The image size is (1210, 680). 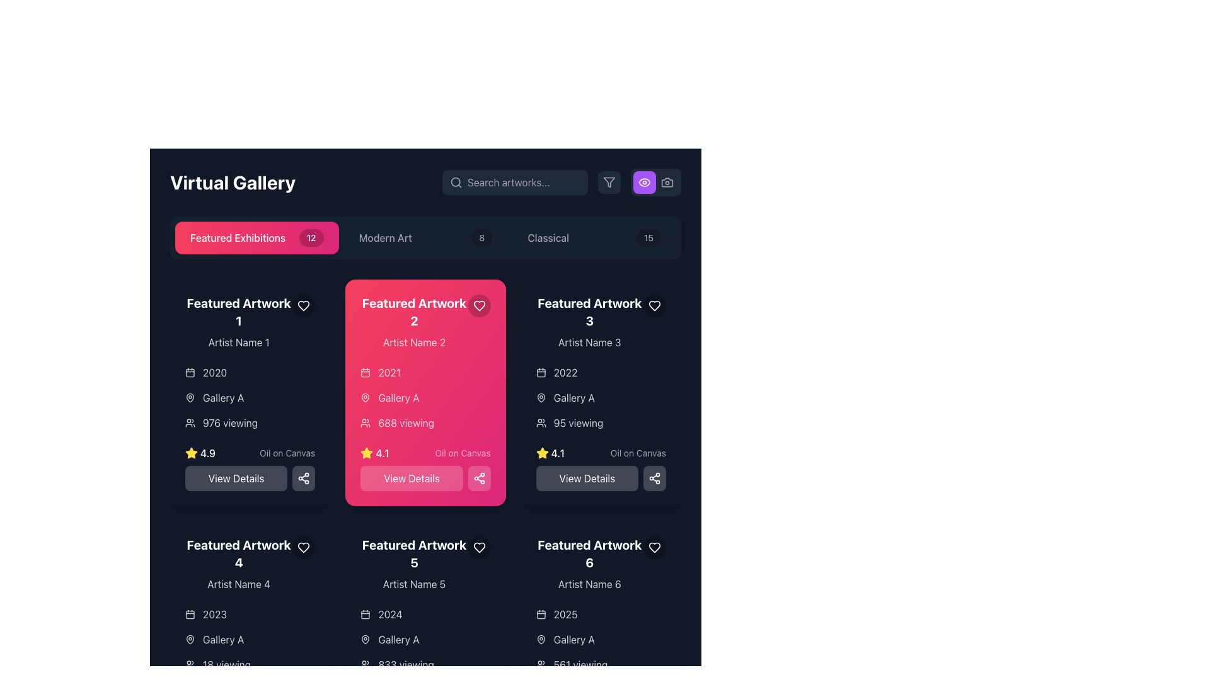 What do you see at coordinates (190, 397) in the screenshot?
I see `the map pin icon element located within the second card labeled 'Featured Artwork 2', adjacent to the label 'Gallery A'` at bounding box center [190, 397].